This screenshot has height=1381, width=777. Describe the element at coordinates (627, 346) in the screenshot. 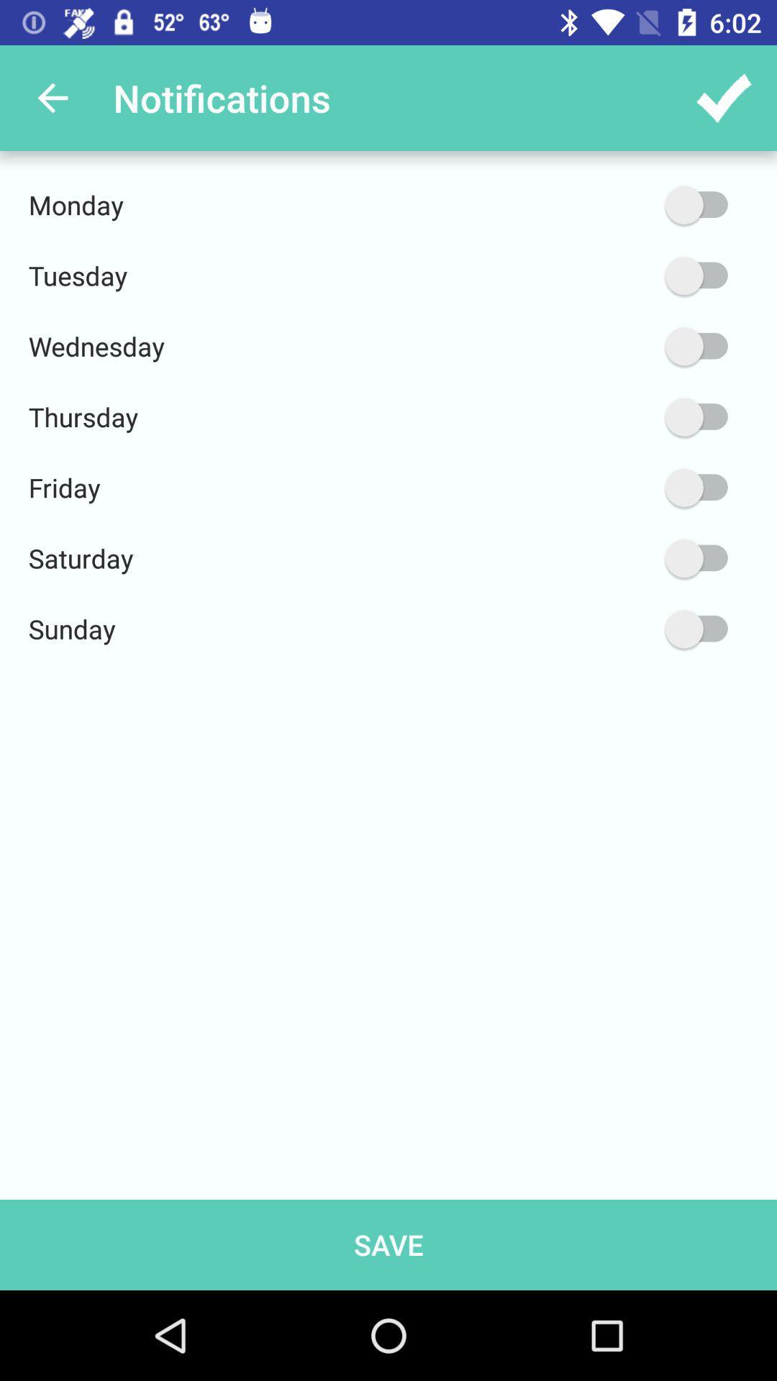

I see `icon next to the wednesday` at that location.